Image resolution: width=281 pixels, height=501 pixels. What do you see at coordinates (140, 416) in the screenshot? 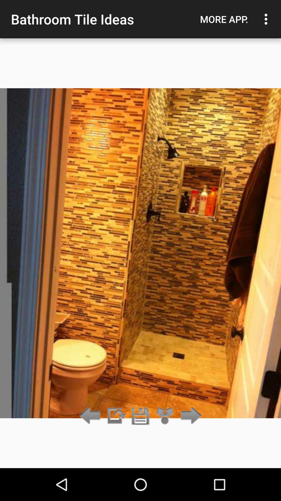
I see `save` at bounding box center [140, 416].